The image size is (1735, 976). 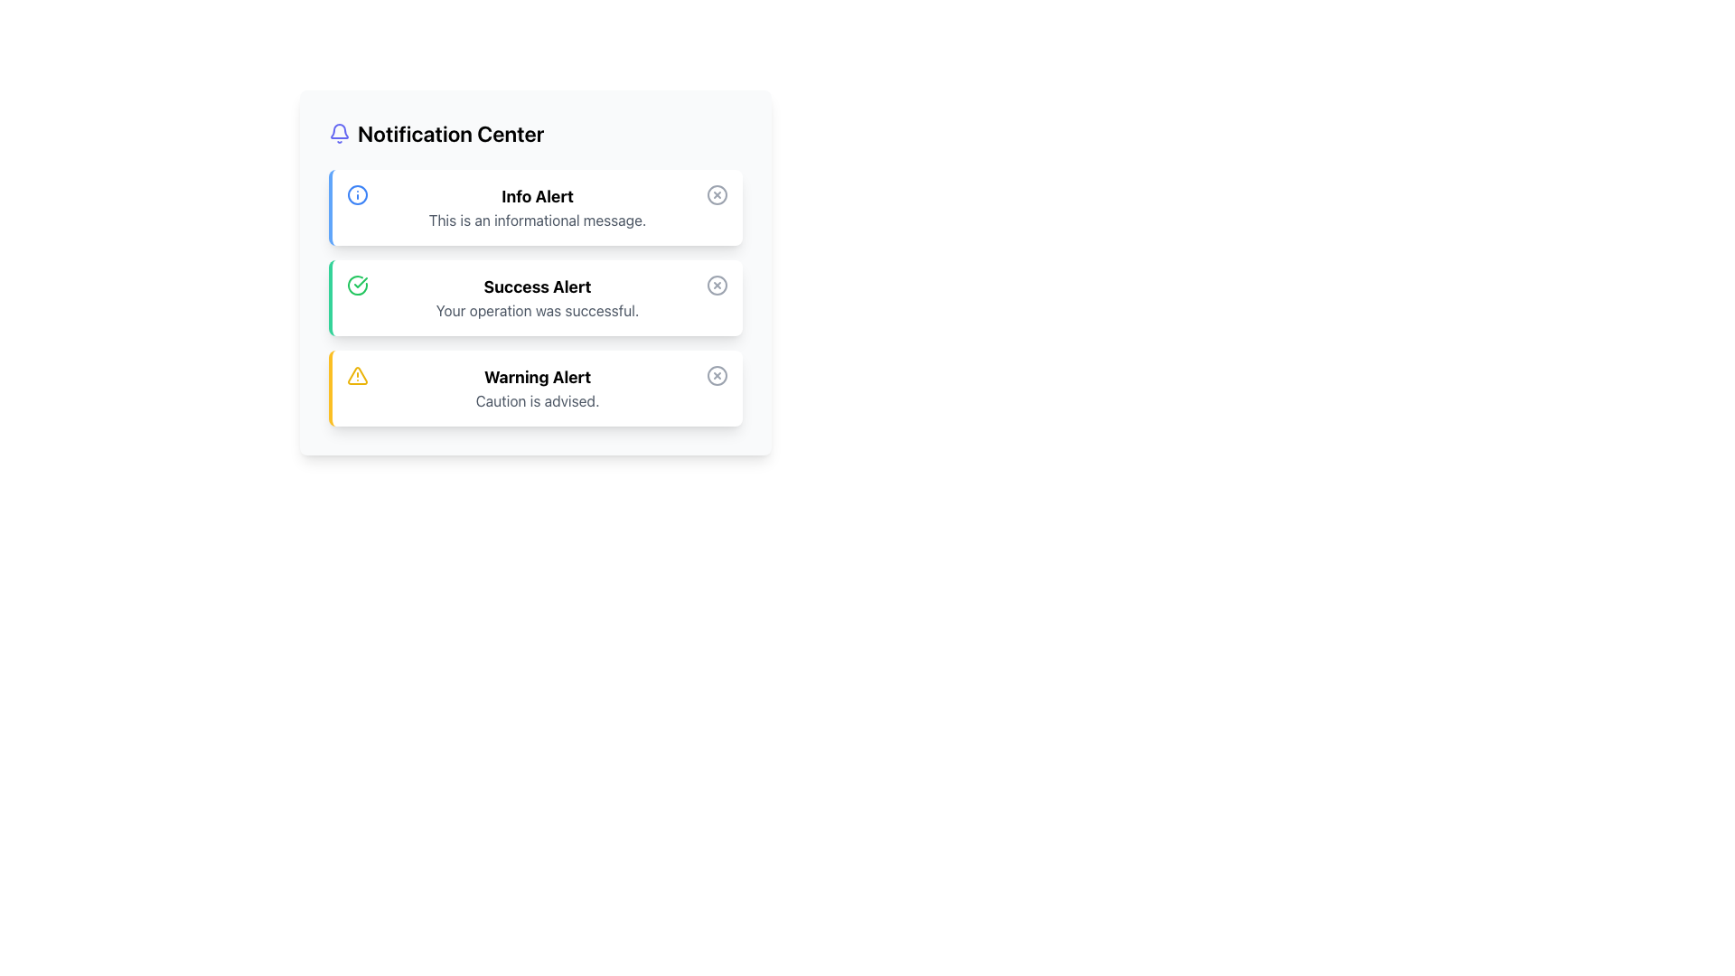 What do you see at coordinates (537, 376) in the screenshot?
I see `text of the title or header of the warning notification card, which is the third card in the list below 'Info Alert' and 'Success Alert'` at bounding box center [537, 376].